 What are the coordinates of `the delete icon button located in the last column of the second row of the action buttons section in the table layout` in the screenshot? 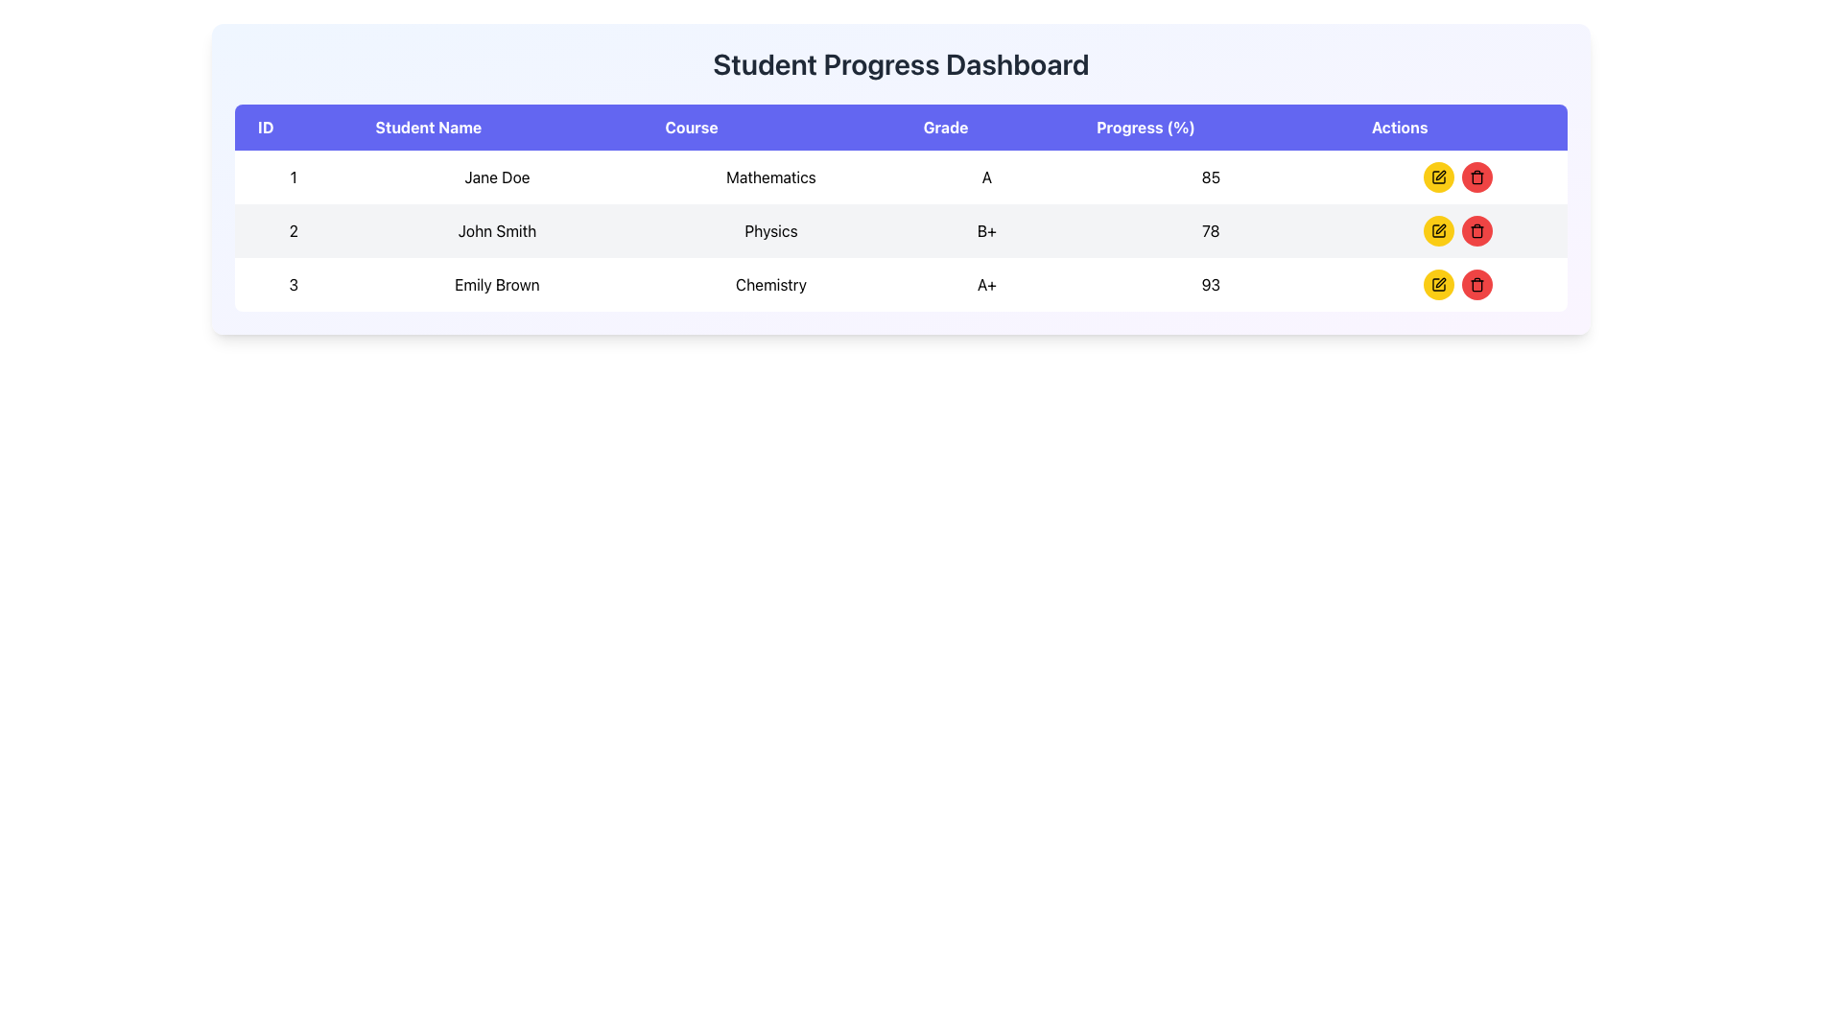 It's located at (1476, 285).